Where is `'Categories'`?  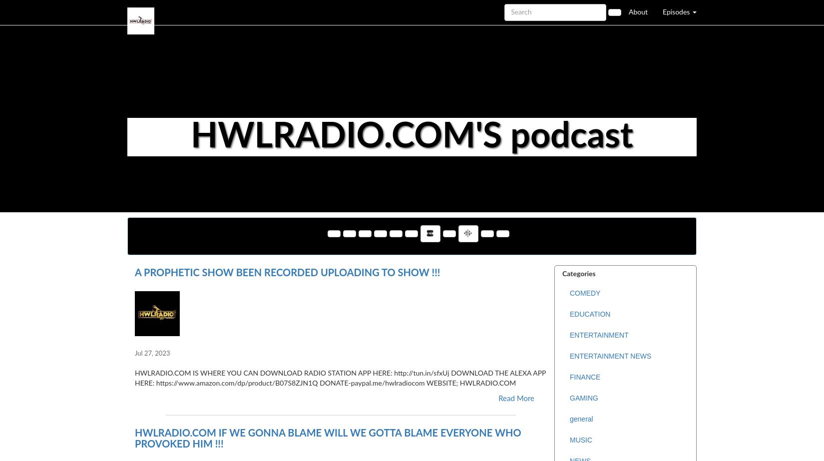
'Categories' is located at coordinates (578, 274).